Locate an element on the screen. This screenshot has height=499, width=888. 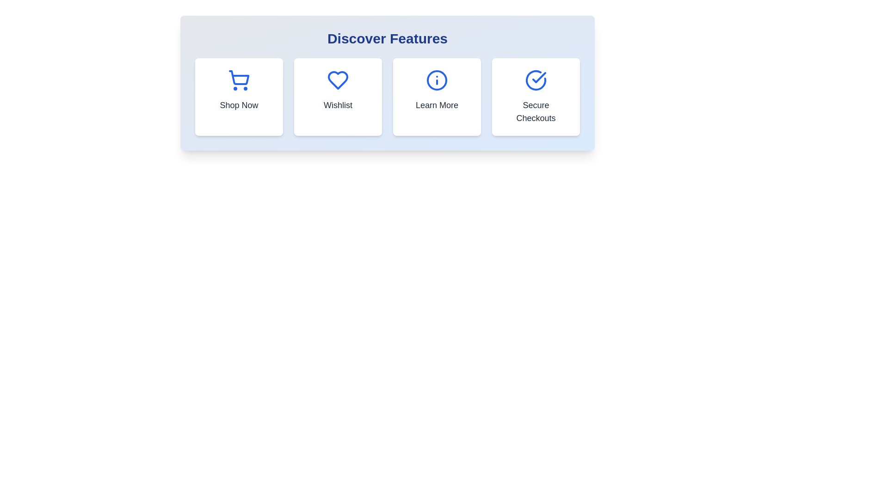
the heart icon representing the 'Wishlist' feature located within the second card under the 'Discover Features' heading is located at coordinates (337, 79).